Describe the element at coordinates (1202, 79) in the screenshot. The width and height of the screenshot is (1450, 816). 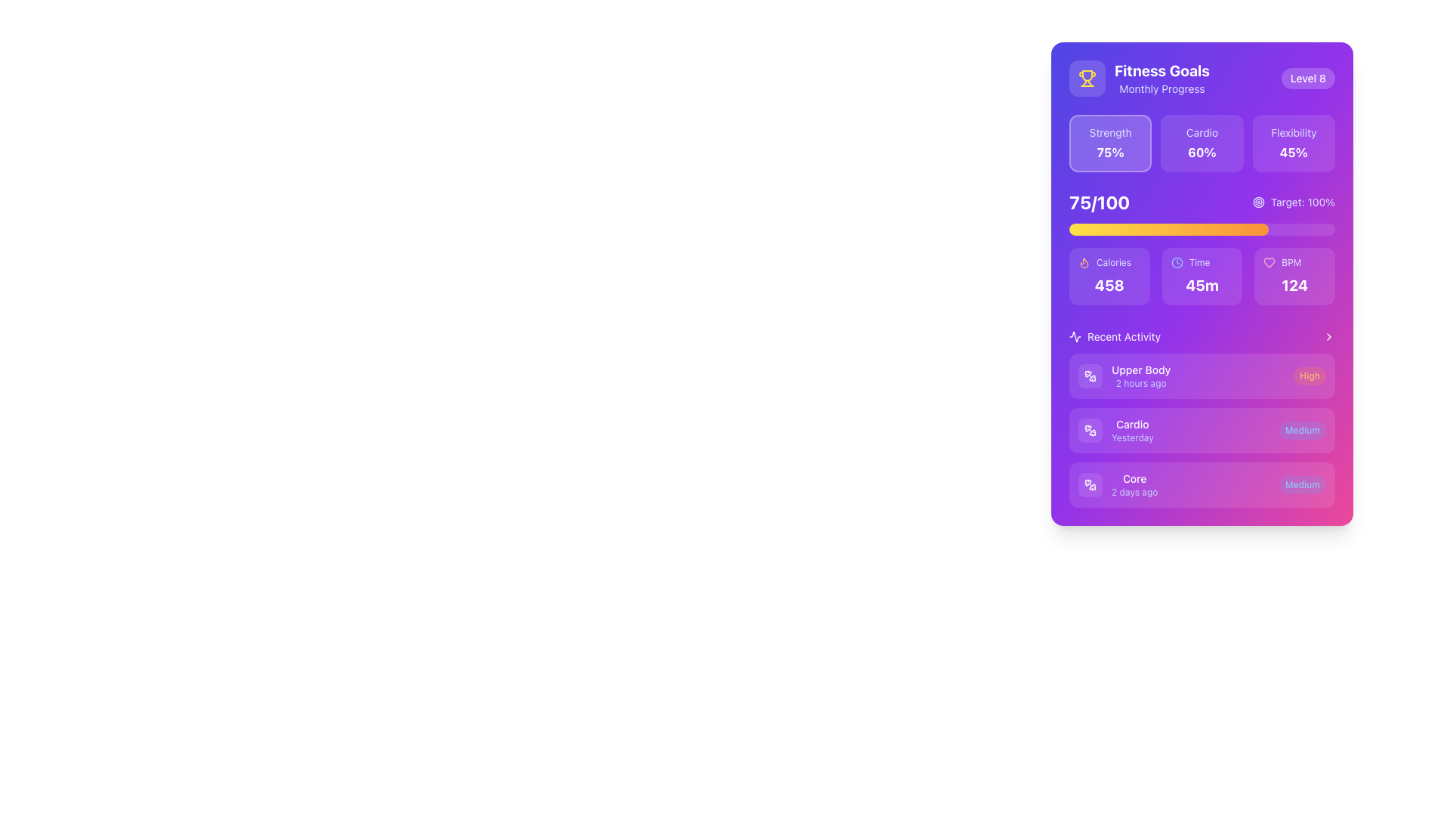
I see `displayed information from the 'Fitness Goals' header section, which includes the title, subtitle, trophy icon, and 'Level 8' label` at that location.